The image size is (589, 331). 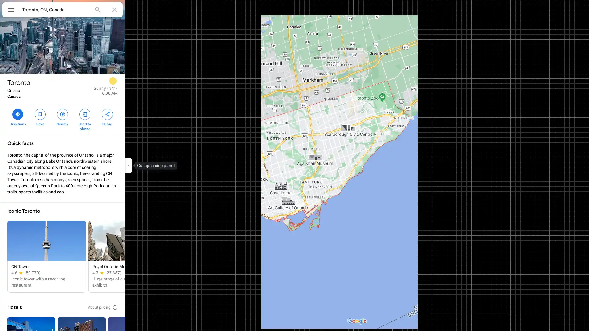 I want to click on Save Toronto in your lists, so click(x=40, y=117).